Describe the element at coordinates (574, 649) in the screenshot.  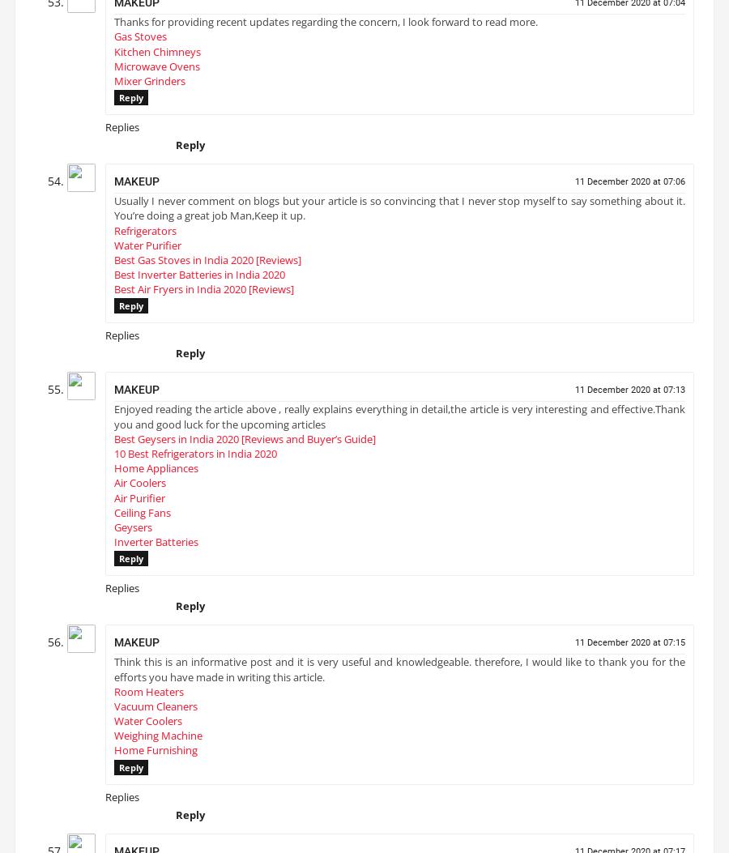
I see `'11 December 2020 at 07:15'` at that location.